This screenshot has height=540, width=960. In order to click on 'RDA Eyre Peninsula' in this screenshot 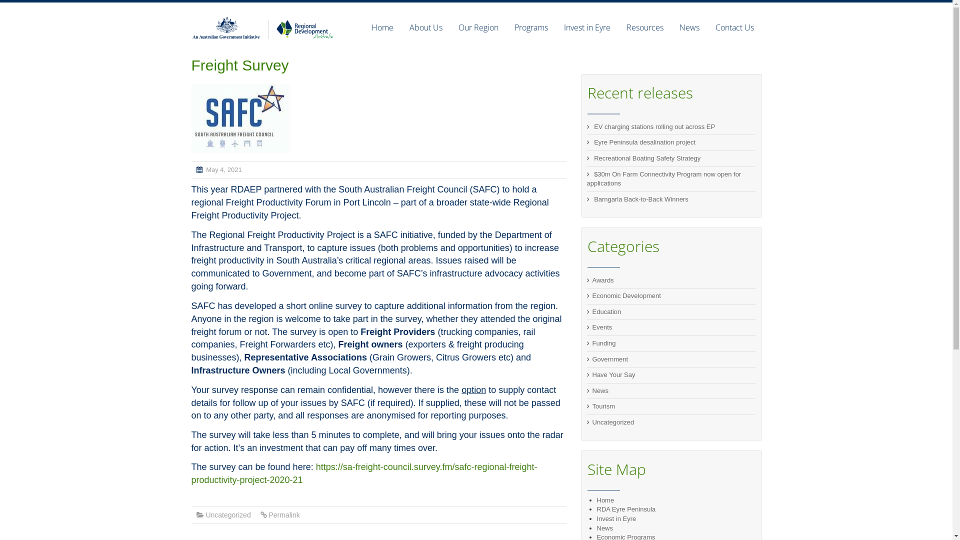, I will do `click(625, 509)`.